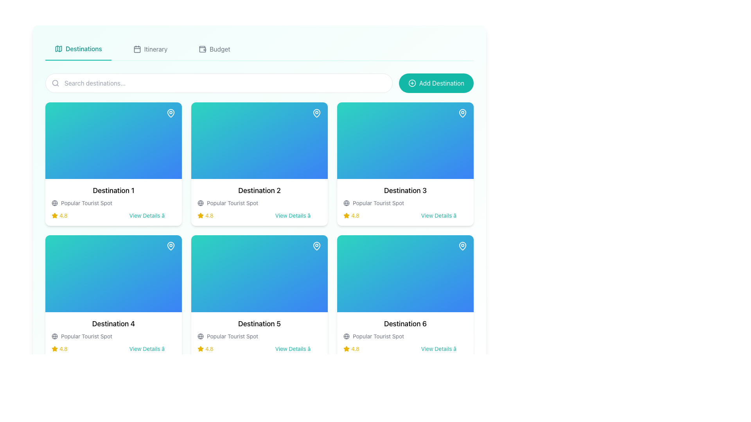 This screenshot has width=751, height=422. Describe the element at coordinates (405, 335) in the screenshot. I see `the Card located in the bottom-right corner of the second row, which is the sixth item in the grid` at that location.